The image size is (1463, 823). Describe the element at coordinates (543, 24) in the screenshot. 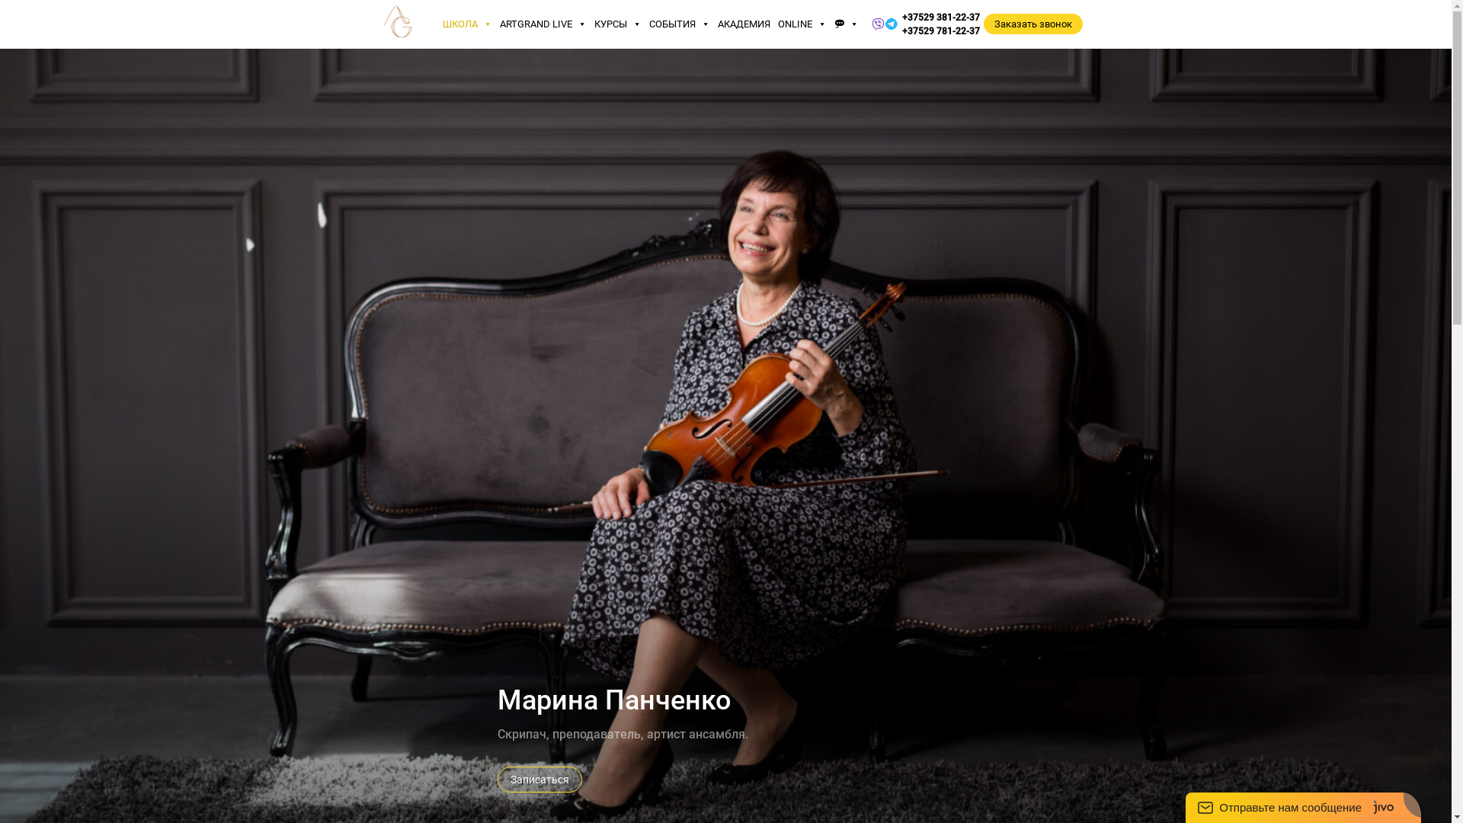

I see `'ARTGRAND LIVE'` at that location.